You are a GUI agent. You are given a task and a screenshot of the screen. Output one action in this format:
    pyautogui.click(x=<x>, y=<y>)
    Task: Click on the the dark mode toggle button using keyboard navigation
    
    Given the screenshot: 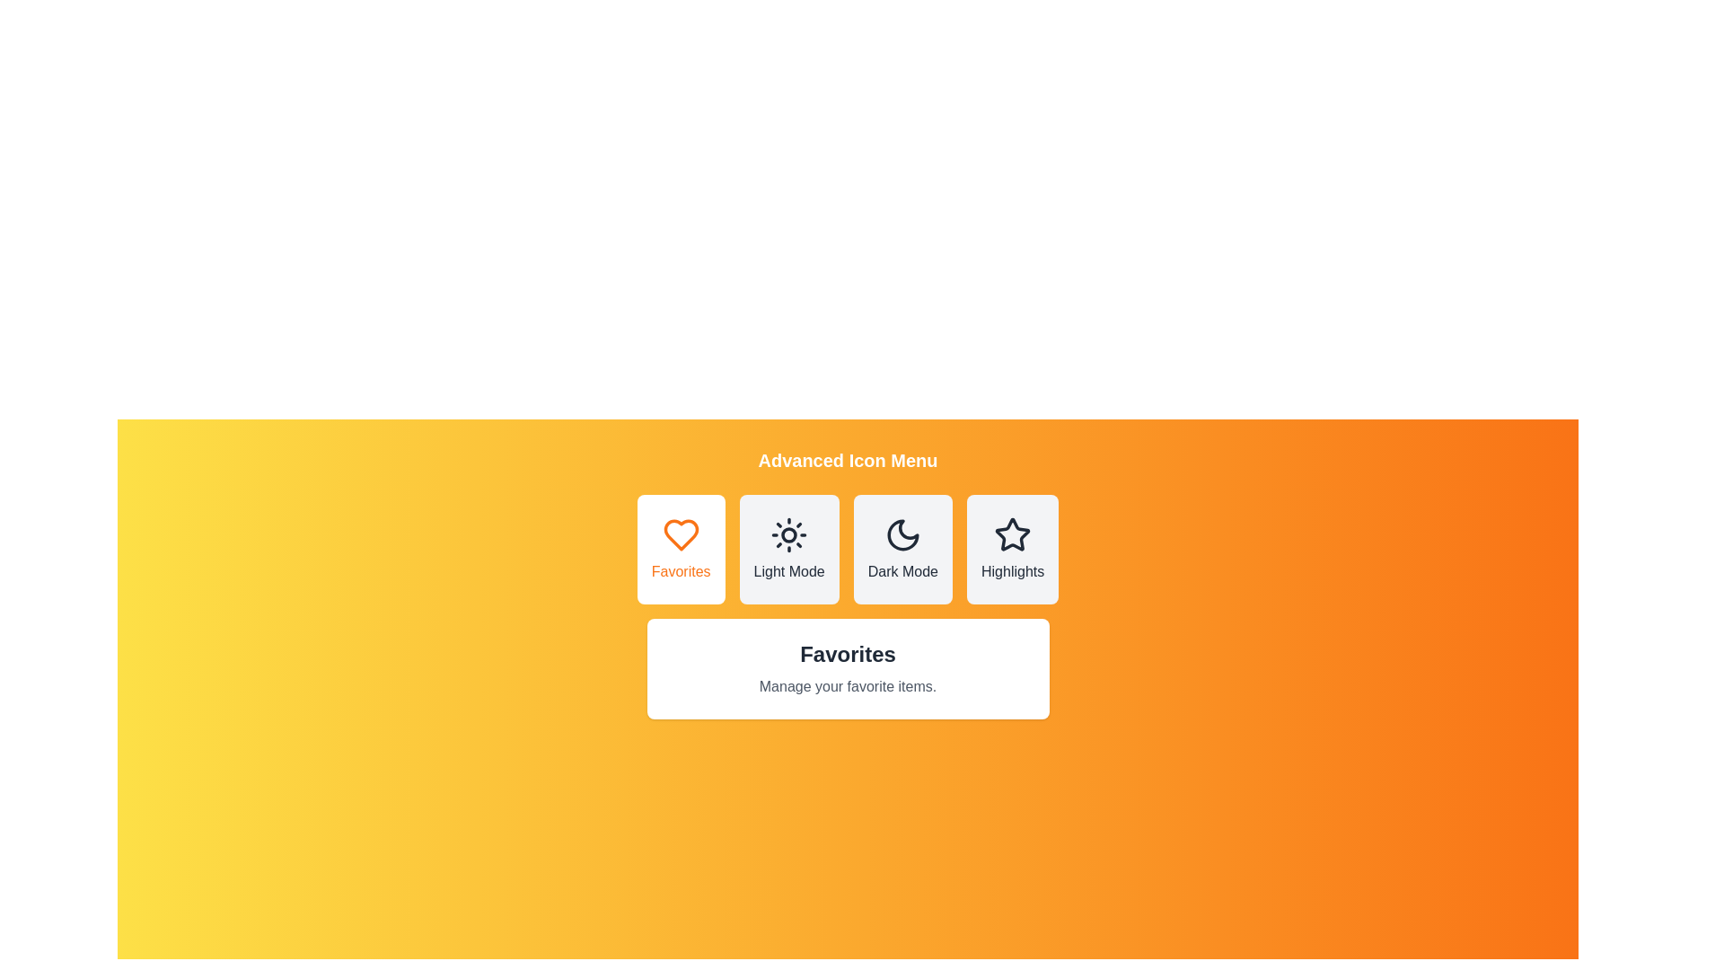 What is the action you would take?
    pyautogui.click(x=902, y=549)
    